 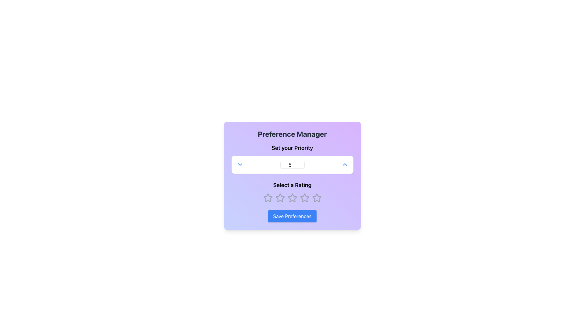 What do you see at coordinates (292, 198) in the screenshot?
I see `the fourth star in the interactive star rating icon group` at bounding box center [292, 198].